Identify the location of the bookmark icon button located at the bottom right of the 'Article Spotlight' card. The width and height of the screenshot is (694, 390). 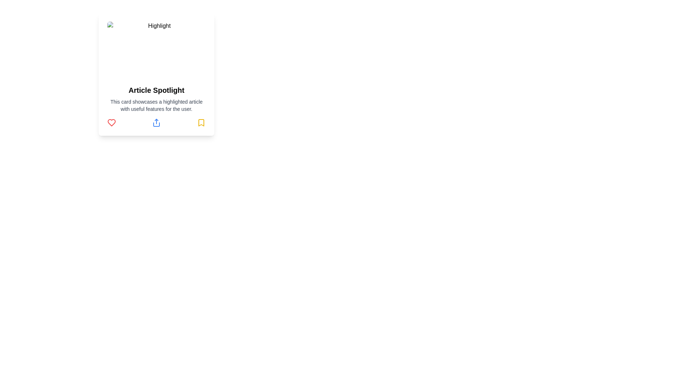
(201, 122).